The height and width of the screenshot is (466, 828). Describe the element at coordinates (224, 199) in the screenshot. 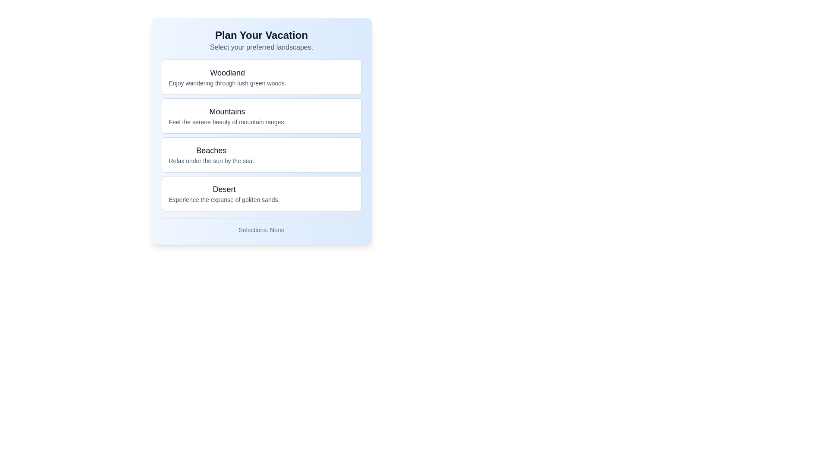

I see `the text segment styled in a small sans-serif font with muted gray color, containing the content 'Experience the expanse of golden sands.' located underneath the bold title 'Desert'` at that location.